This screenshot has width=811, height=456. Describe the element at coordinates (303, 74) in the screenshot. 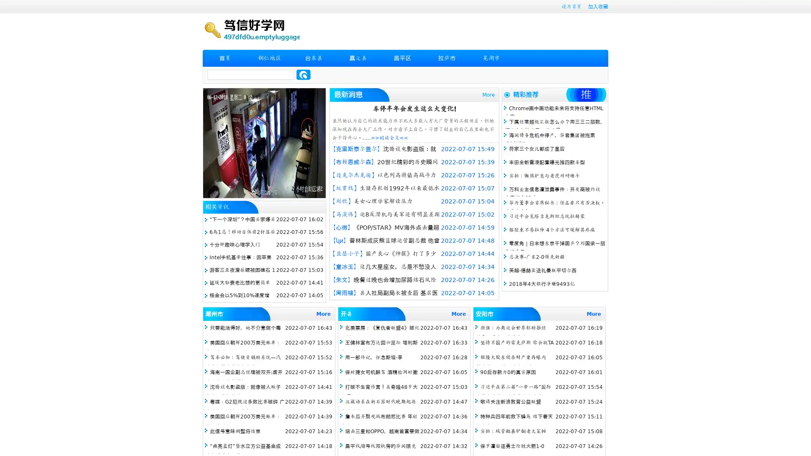

I see `Search` at that location.